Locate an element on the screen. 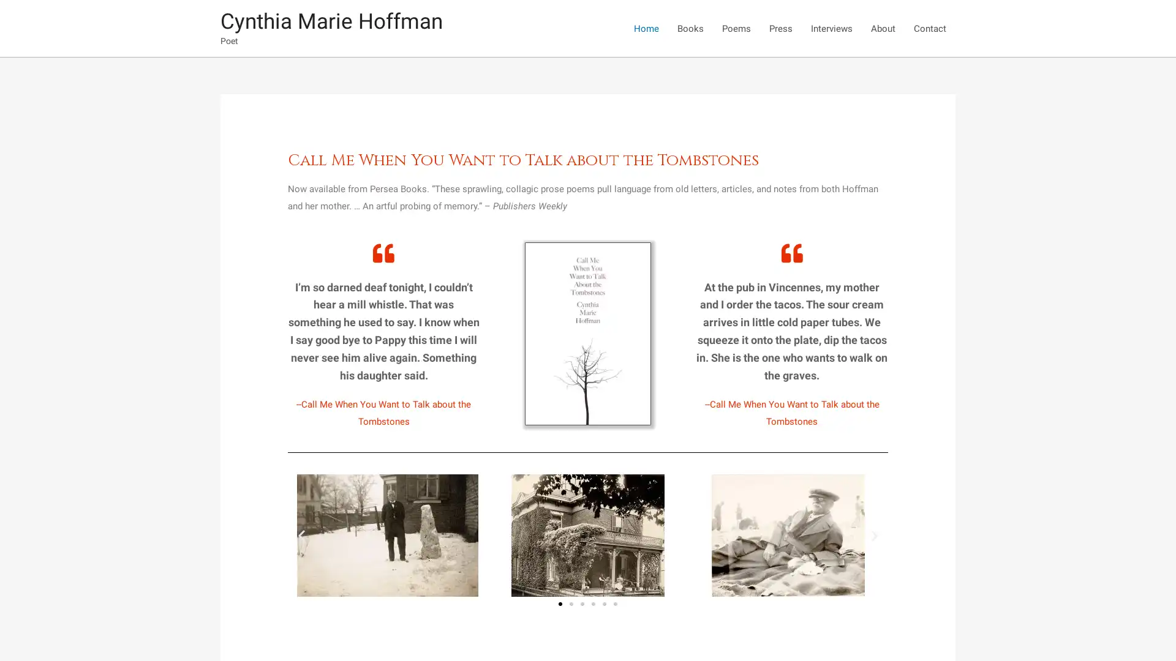 The image size is (1176, 661). Previous slide is located at coordinates (301, 534).